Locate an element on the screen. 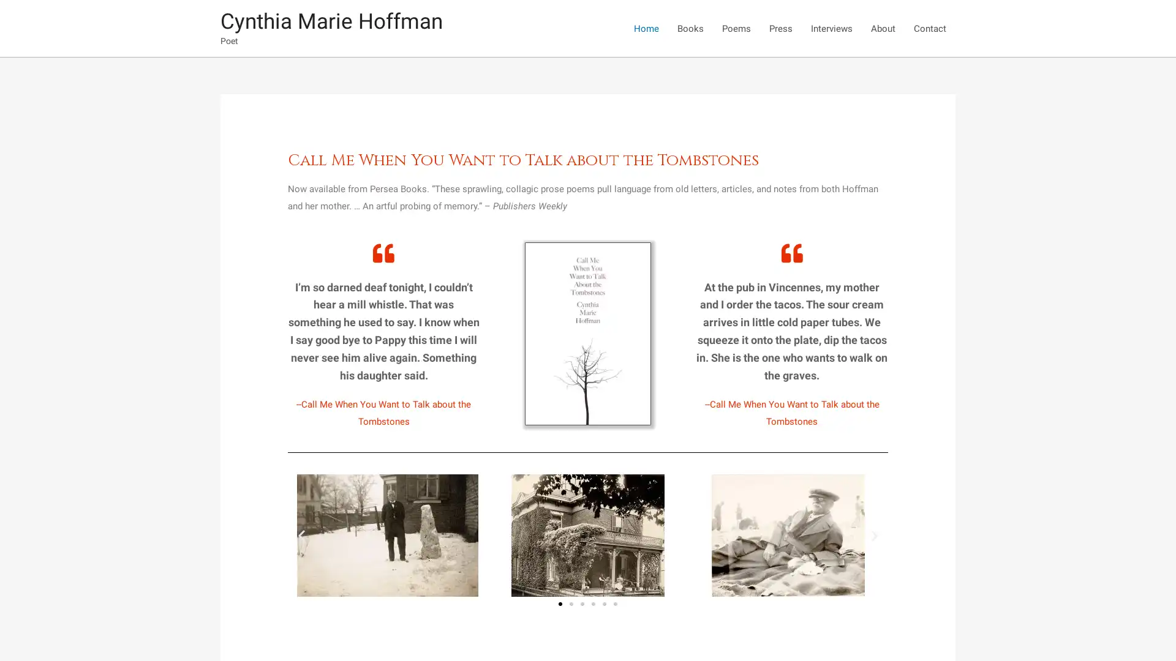 The image size is (1176, 661). Previous slide is located at coordinates (301, 534).